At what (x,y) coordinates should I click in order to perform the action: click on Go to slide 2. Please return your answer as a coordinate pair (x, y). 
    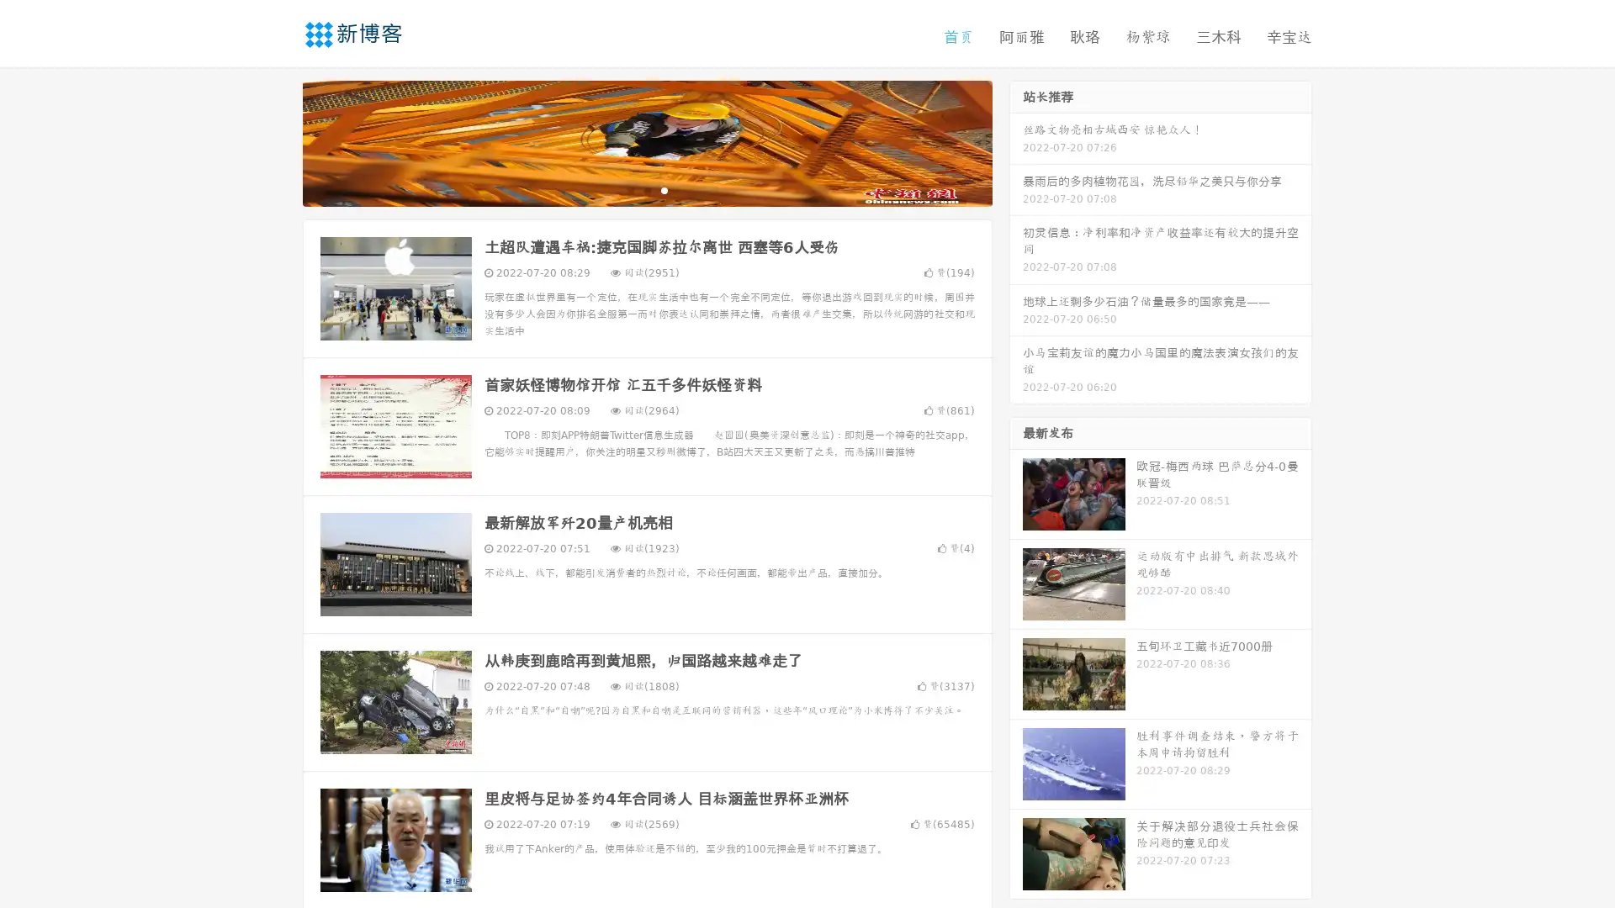
    Looking at the image, I should click on (646, 189).